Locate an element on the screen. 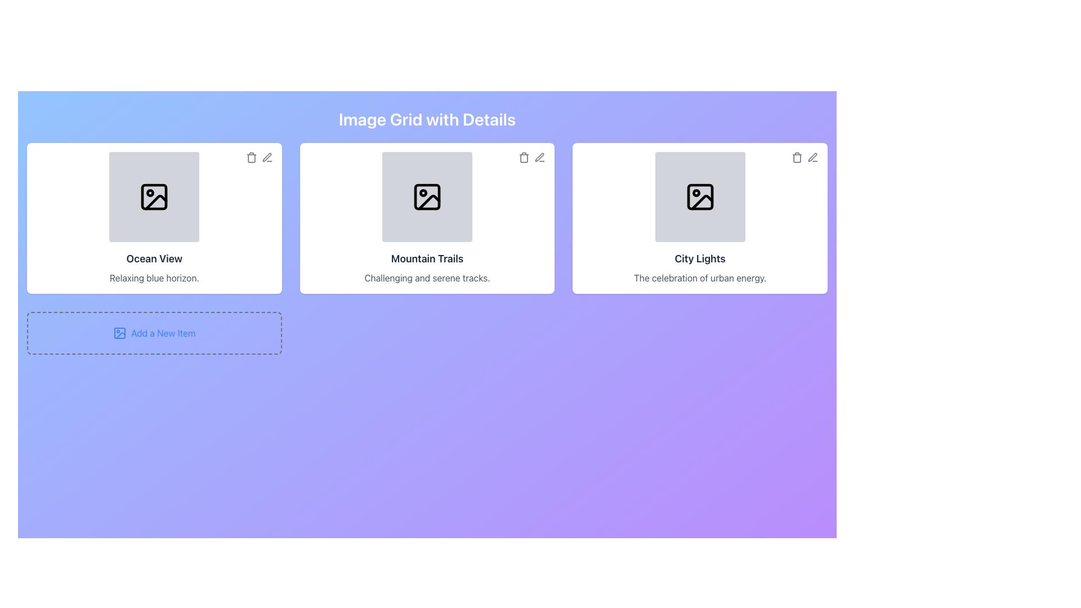 This screenshot has height=608, width=1081. the 'Mountain Trails' text label in the middle card of the grid layout is located at coordinates (426, 258).